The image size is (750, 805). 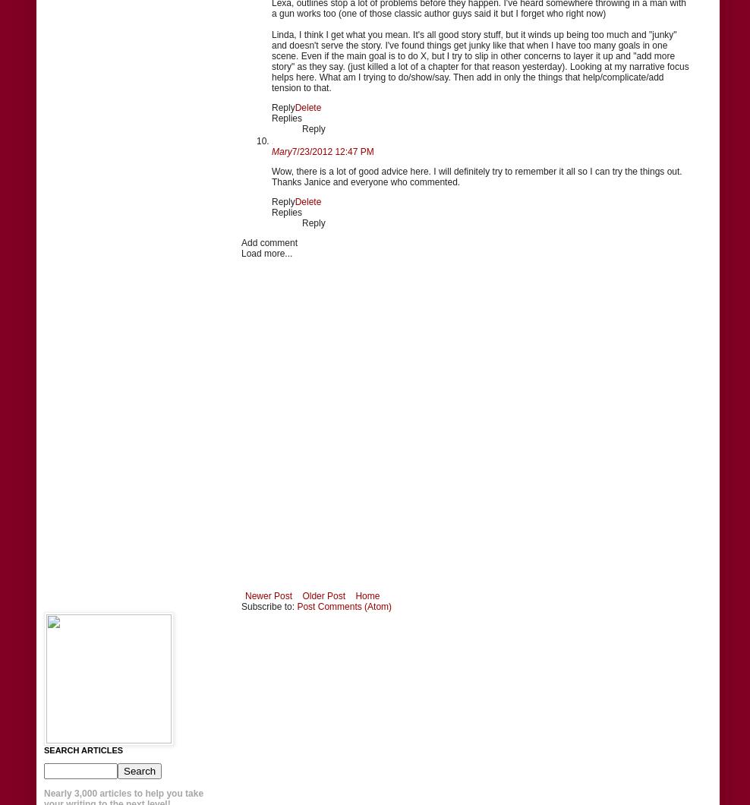 What do you see at coordinates (266, 253) in the screenshot?
I see `'Load more...'` at bounding box center [266, 253].